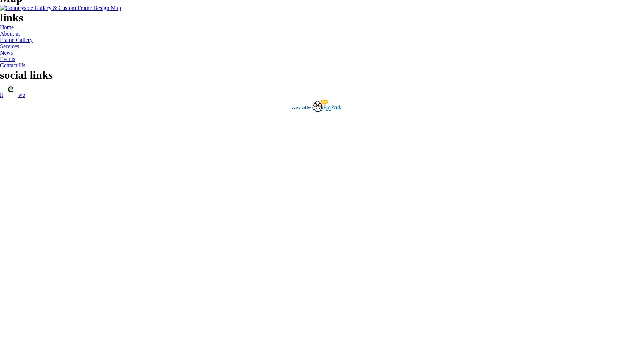  I want to click on 'Services', so click(0, 46).